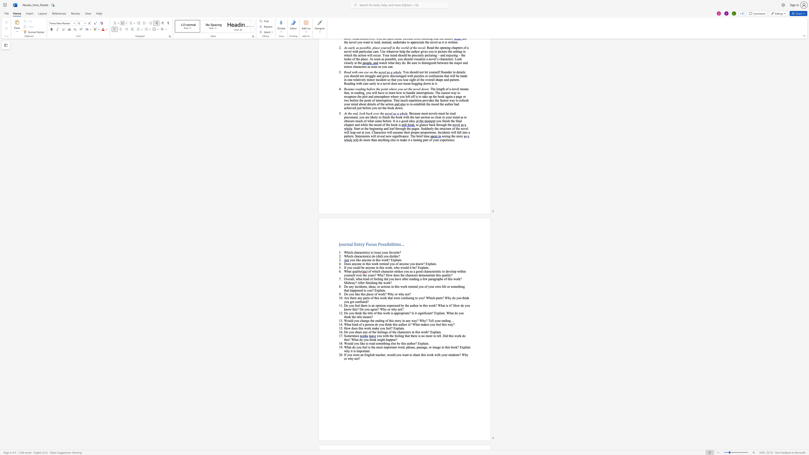 The image size is (809, 455). What do you see at coordinates (443, 313) in the screenshot?
I see `the 3th character "n" in the text` at bounding box center [443, 313].